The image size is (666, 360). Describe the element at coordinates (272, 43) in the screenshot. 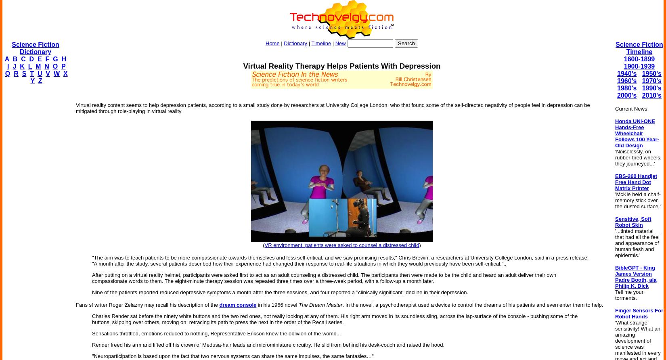

I see `'Home'` at that location.